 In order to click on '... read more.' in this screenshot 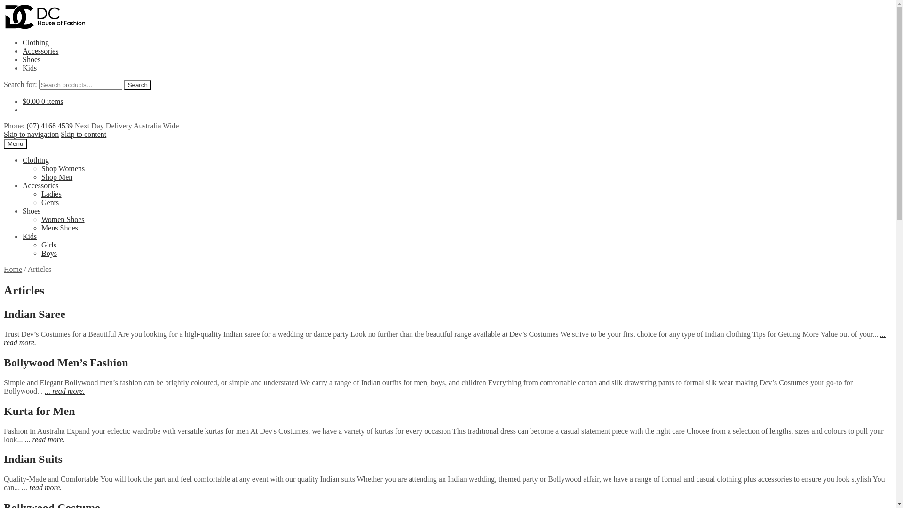, I will do `click(44, 439)`.